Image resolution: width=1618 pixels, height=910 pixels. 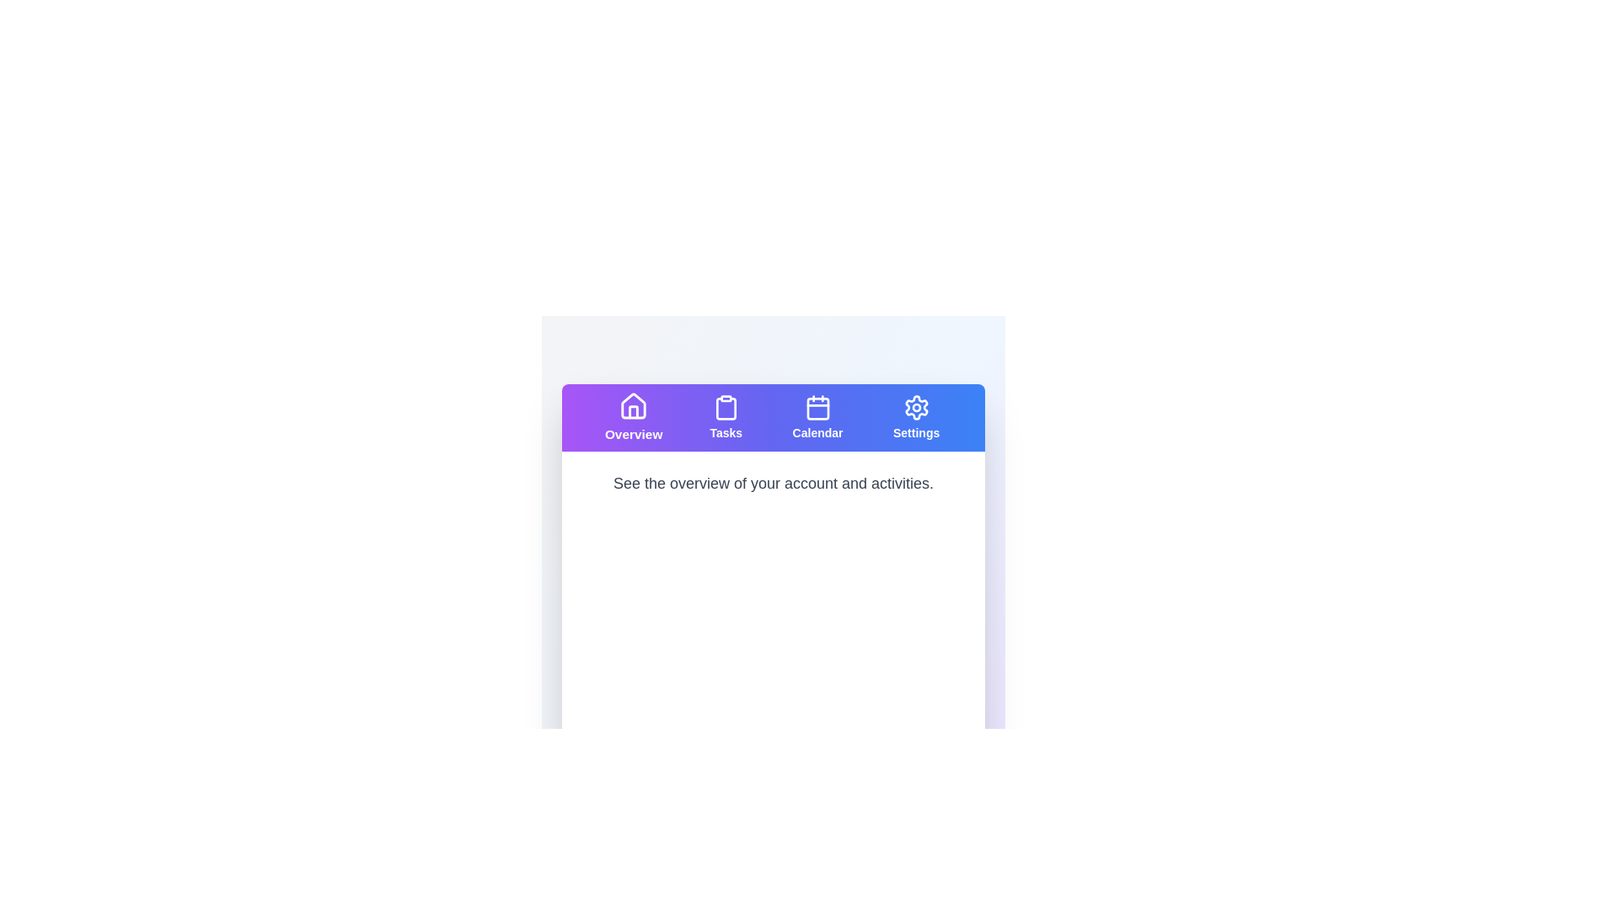 What do you see at coordinates (632, 406) in the screenshot?
I see `the 'Overview' icon located in the upper-left corner of the navigation bar` at bounding box center [632, 406].